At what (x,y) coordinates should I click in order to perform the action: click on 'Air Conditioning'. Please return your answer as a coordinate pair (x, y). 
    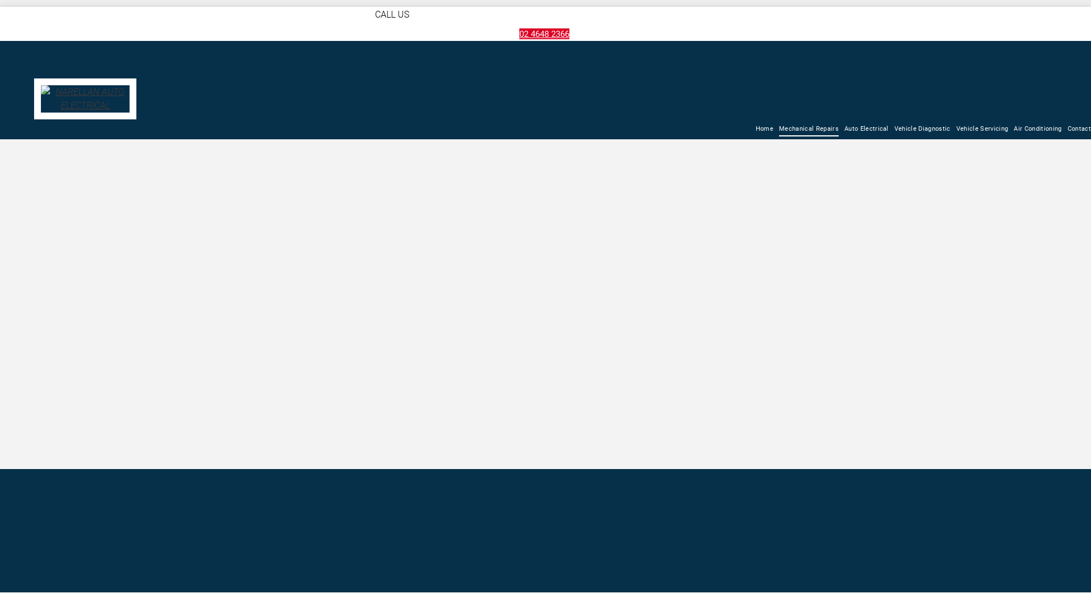
    Looking at the image, I should click on (1037, 128).